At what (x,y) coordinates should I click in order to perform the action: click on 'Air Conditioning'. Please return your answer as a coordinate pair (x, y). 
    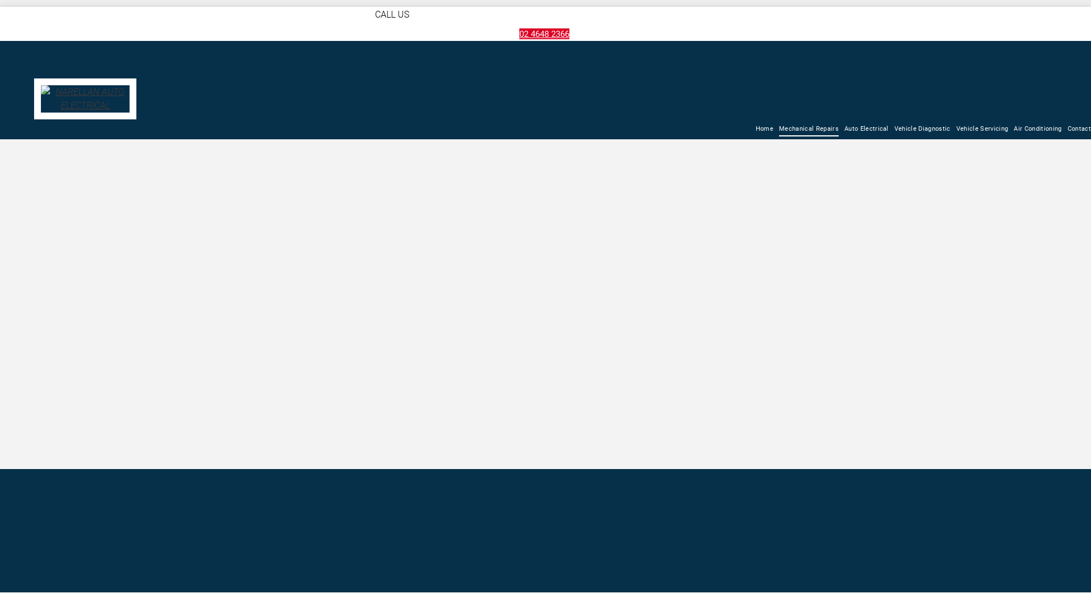
    Looking at the image, I should click on (1037, 128).